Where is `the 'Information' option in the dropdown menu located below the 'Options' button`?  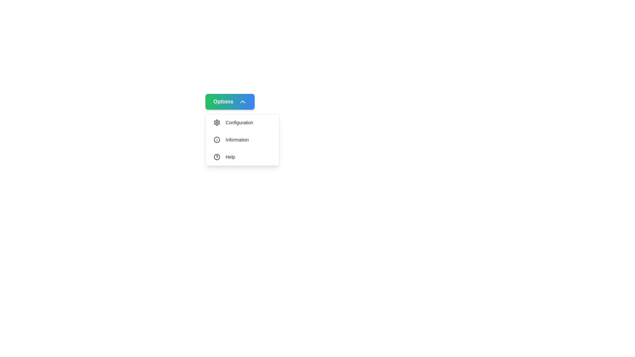
the 'Information' option in the dropdown menu located below the 'Options' button is located at coordinates (242, 139).